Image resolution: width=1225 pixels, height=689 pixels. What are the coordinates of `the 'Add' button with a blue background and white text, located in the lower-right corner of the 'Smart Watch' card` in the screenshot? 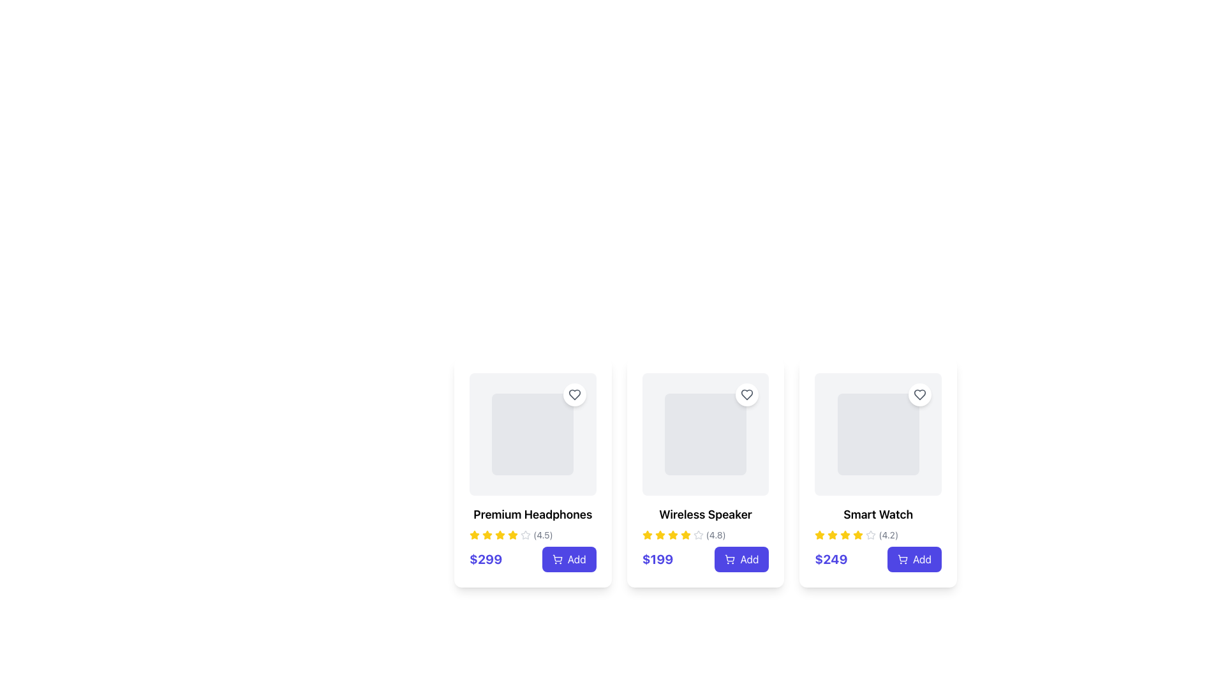 It's located at (914, 558).